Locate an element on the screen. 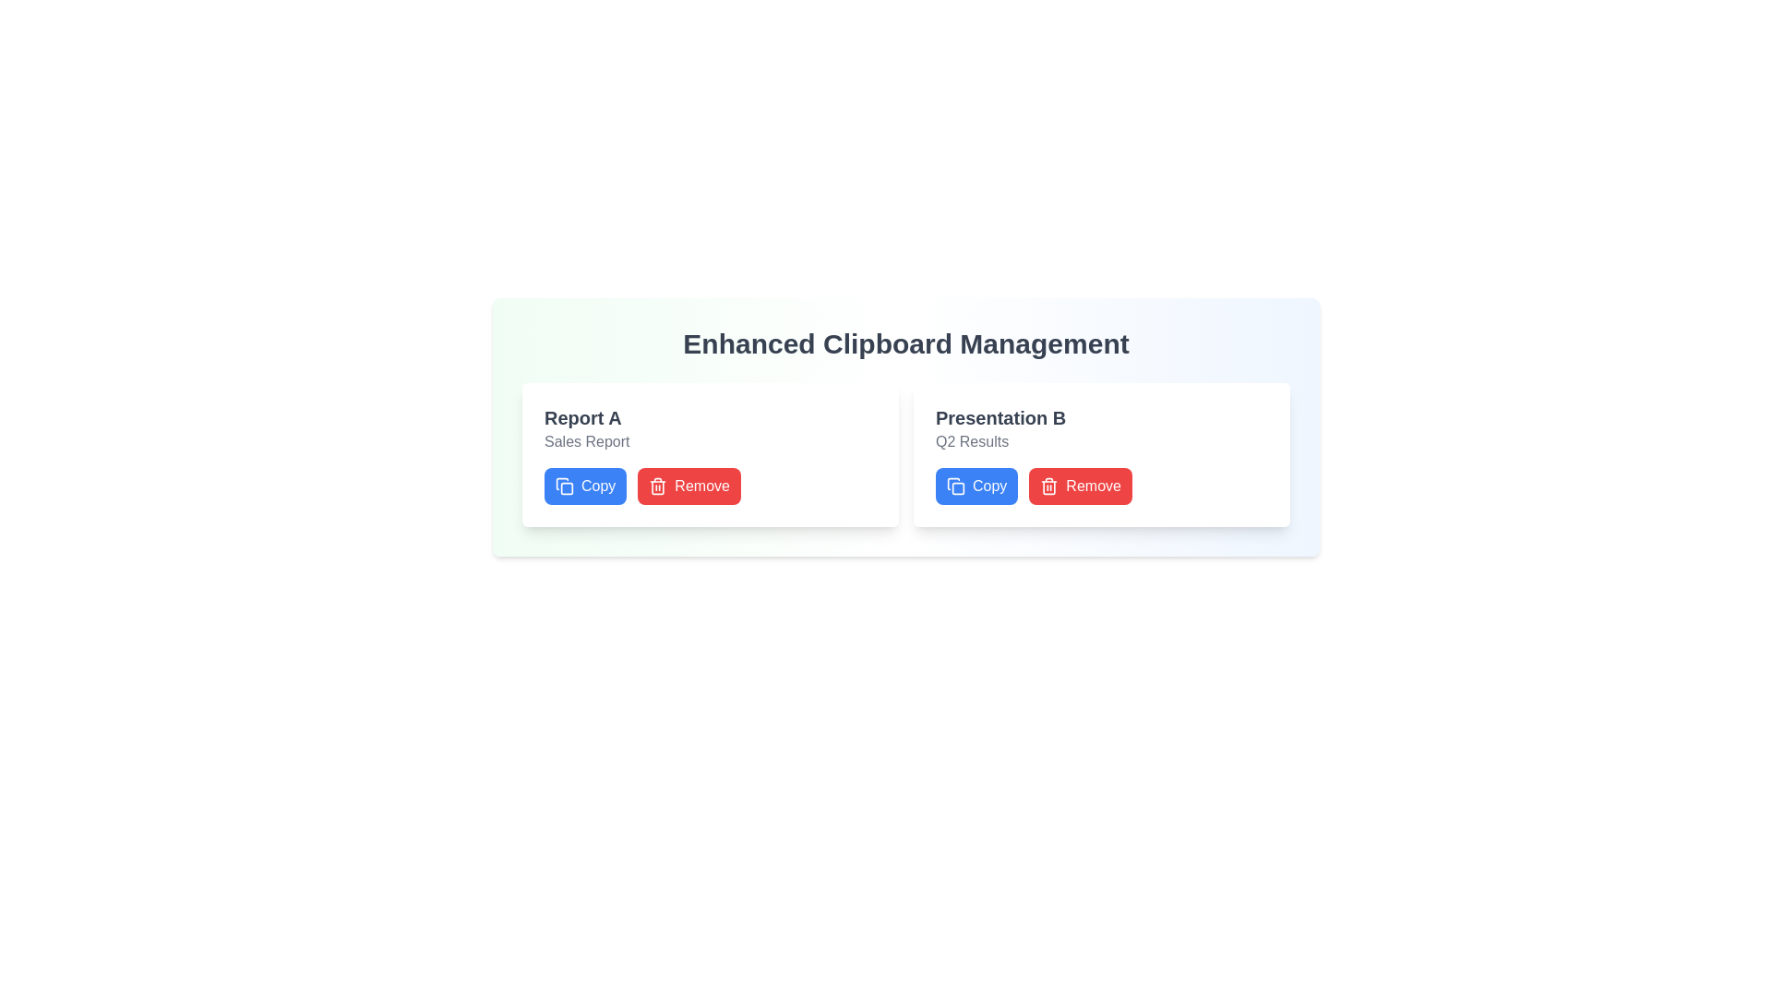  the vector graphic element that visually represents the concept of copying, located on the left side of the 'Copy' button under the 'Presentation B' section is located at coordinates (958, 487).